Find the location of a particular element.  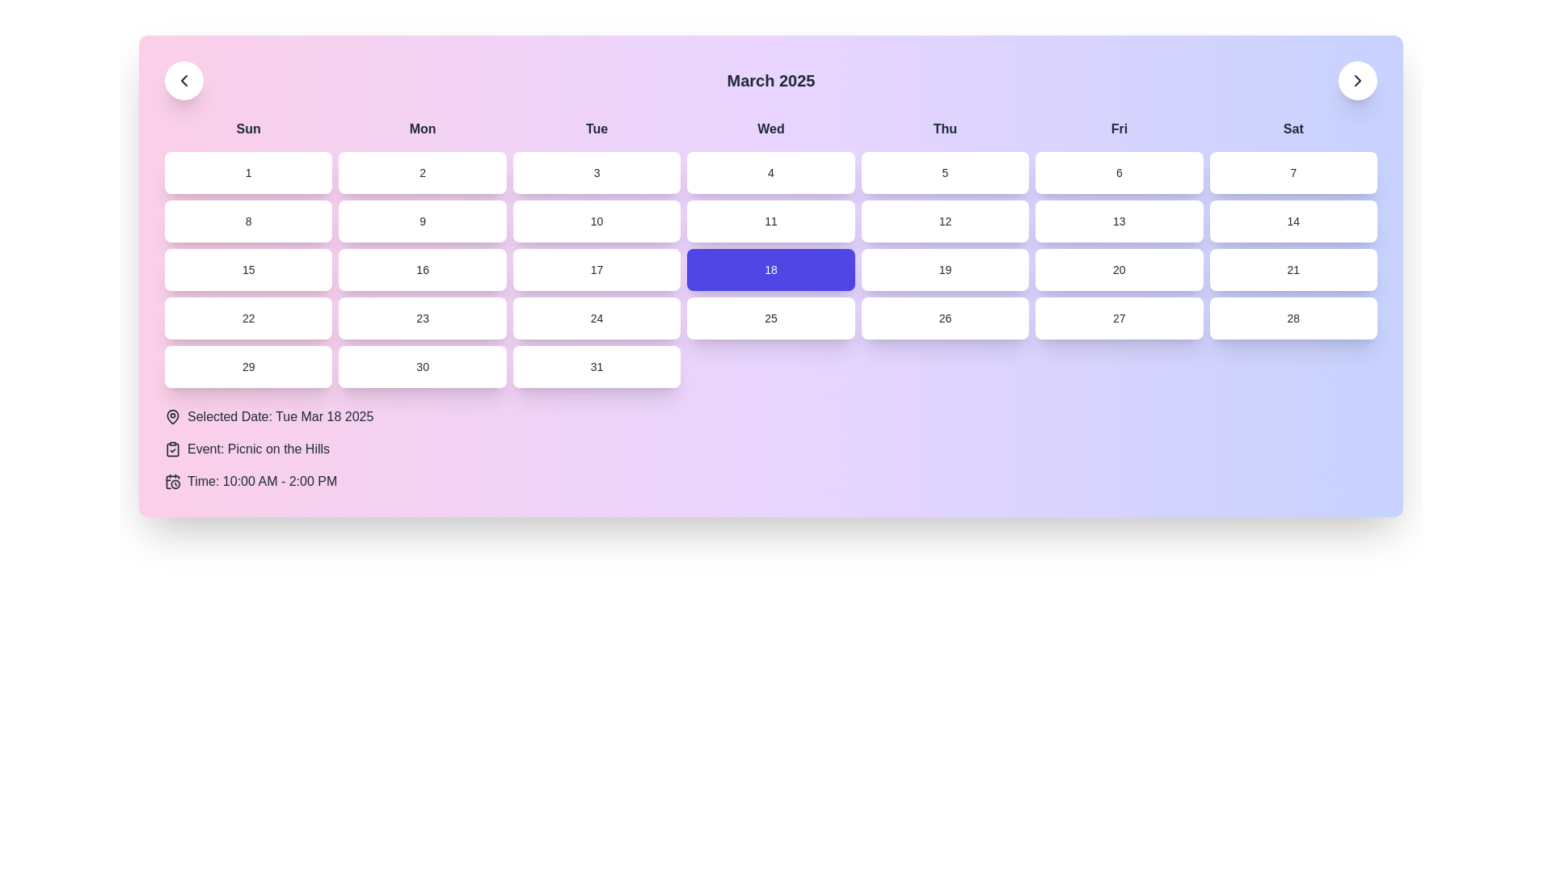

the static label for the Thursday column in the calendar grid, which is the fifth weekday abbreviation from left to right in the header is located at coordinates (945, 128).